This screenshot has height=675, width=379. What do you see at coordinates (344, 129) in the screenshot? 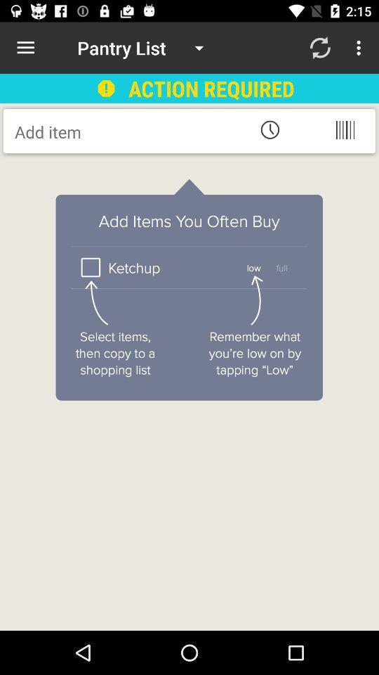
I see `paarcode simple page` at bounding box center [344, 129].